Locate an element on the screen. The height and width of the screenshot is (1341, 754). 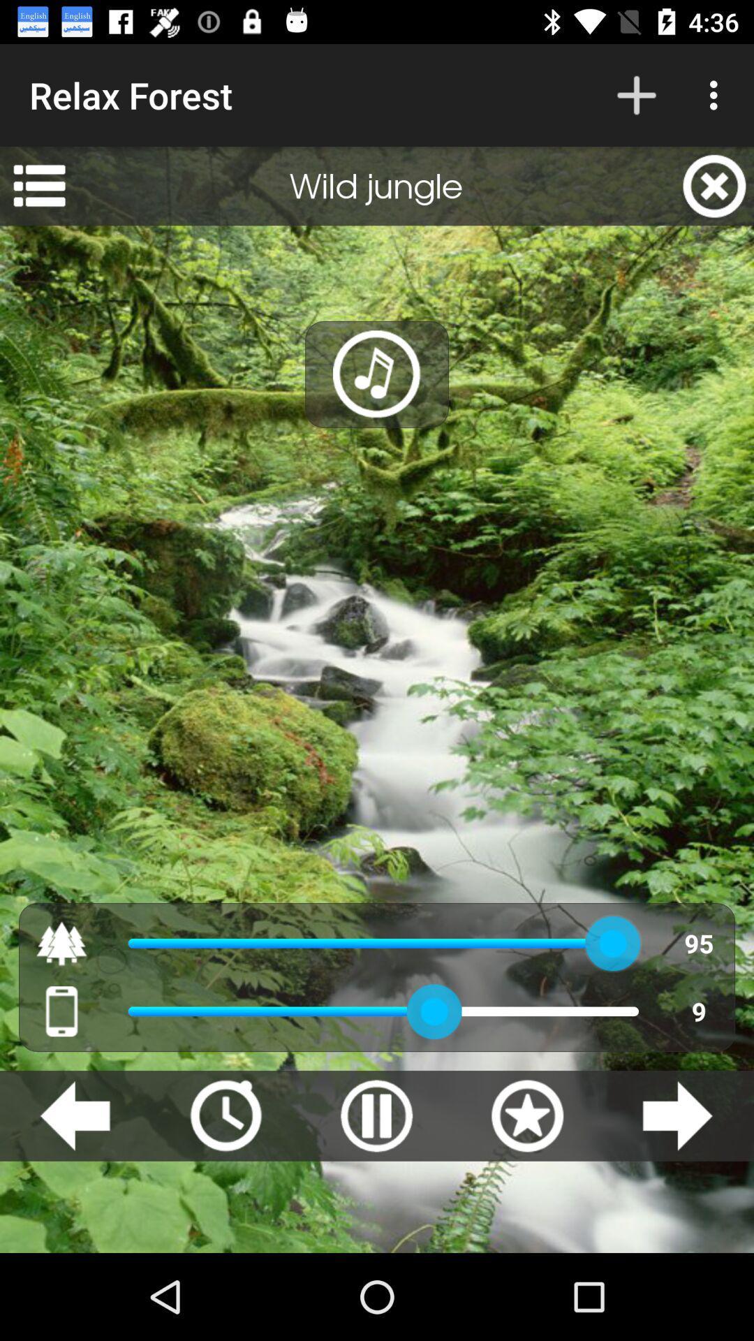
the music icon is located at coordinates (377, 374).